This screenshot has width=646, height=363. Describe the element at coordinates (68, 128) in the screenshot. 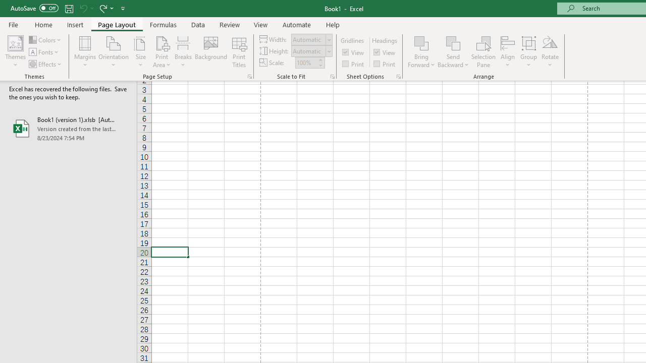

I see `'Book1 (version 1).xlsb  [AutoRecovered]'` at that location.